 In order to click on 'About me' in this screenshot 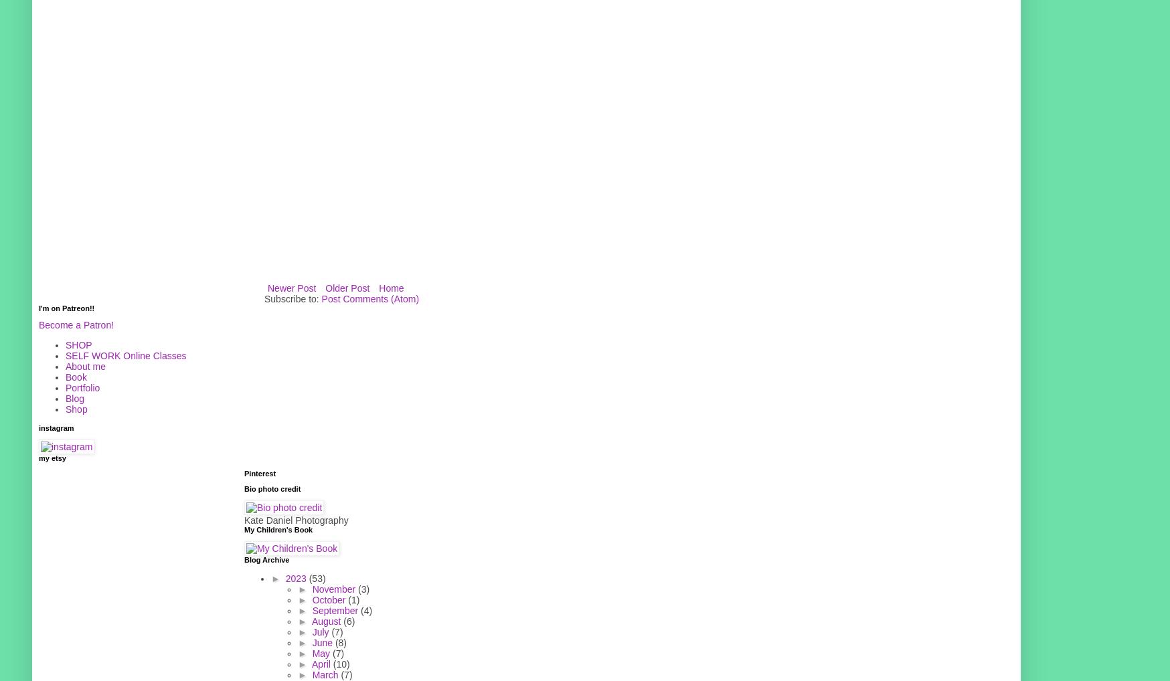, I will do `click(66, 365)`.